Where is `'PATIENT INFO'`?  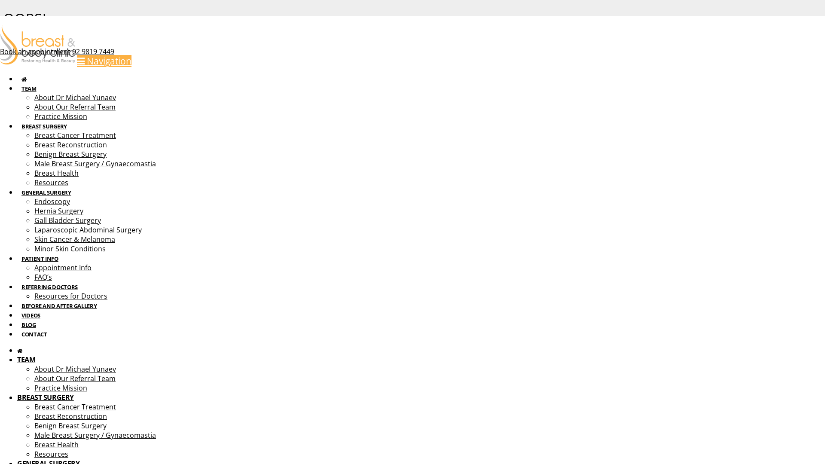
'PATIENT INFO' is located at coordinates (17, 256).